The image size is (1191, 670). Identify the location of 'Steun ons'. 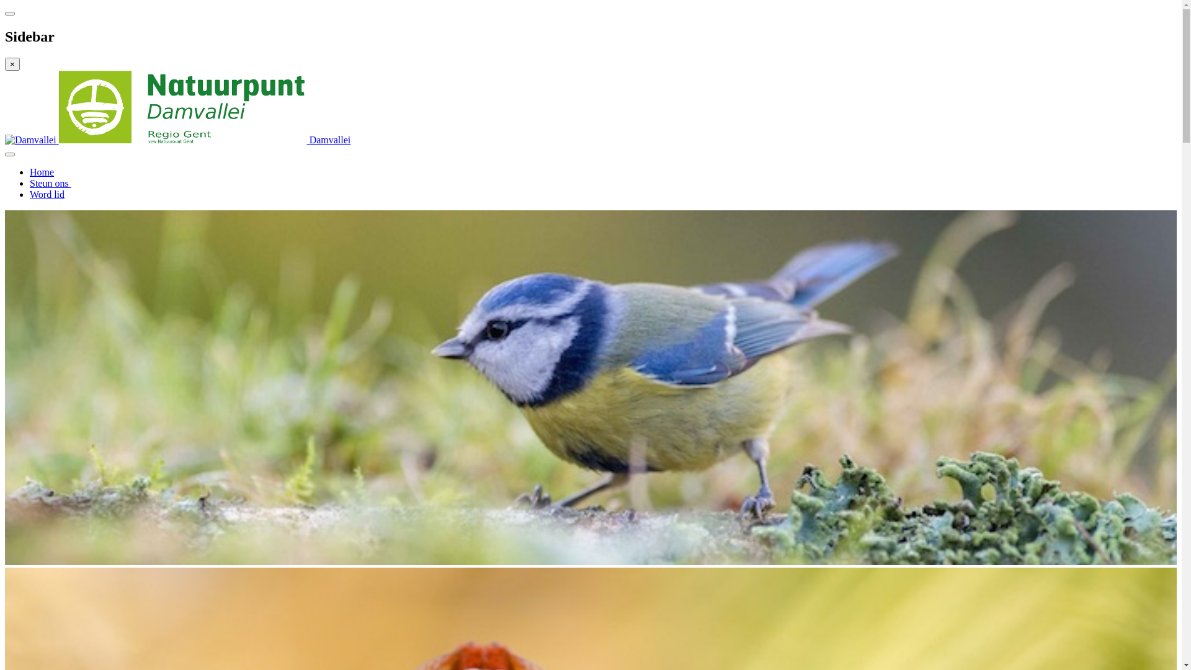
(50, 183).